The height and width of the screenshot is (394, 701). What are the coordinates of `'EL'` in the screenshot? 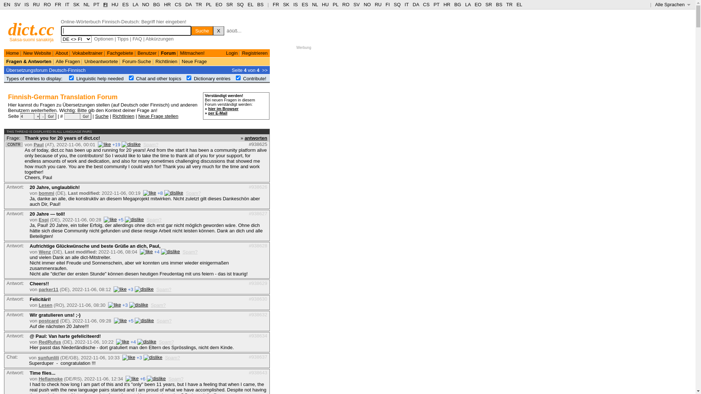 It's located at (250, 4).